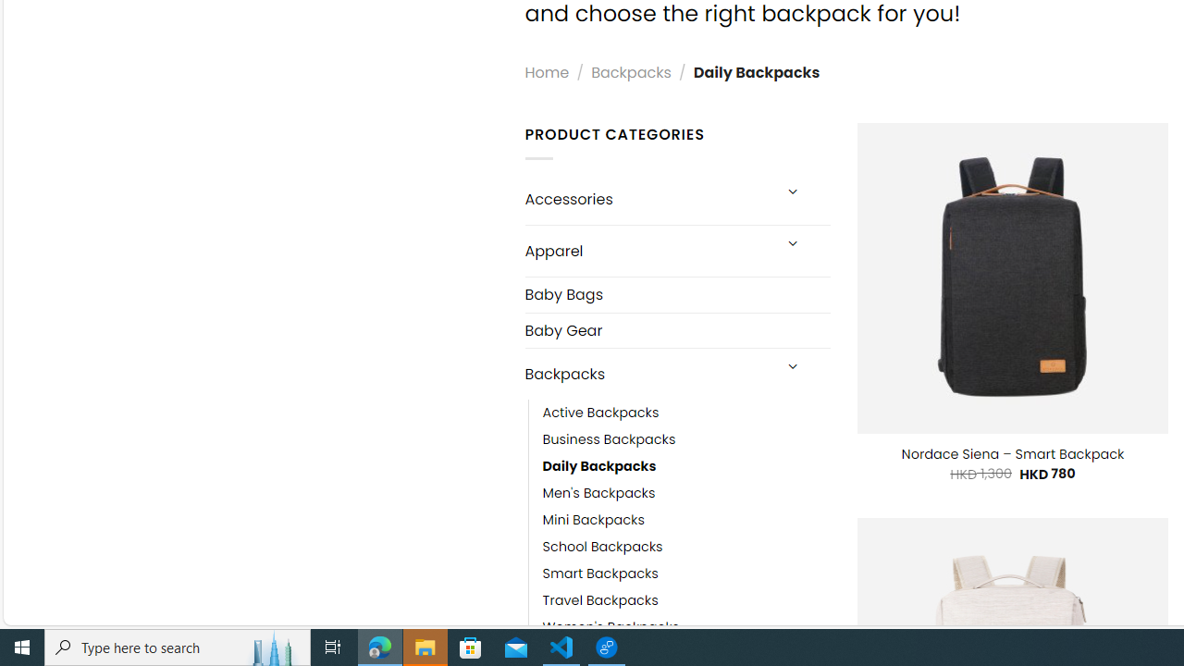 This screenshot has width=1184, height=666. Describe the element at coordinates (602, 546) in the screenshot. I see `'School Backpacks'` at that location.